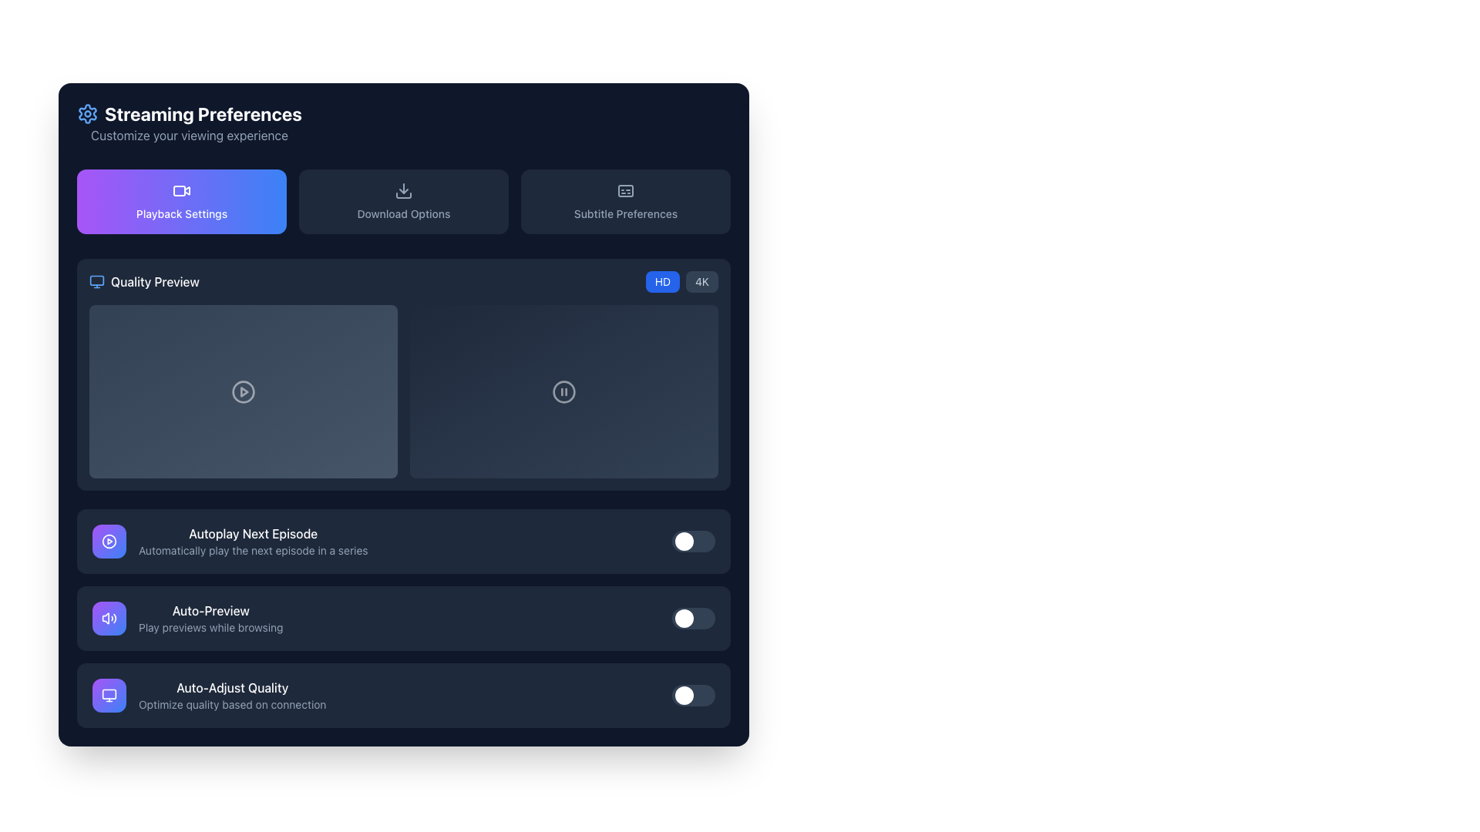  What do you see at coordinates (144, 282) in the screenshot?
I see `the Label indicating the section dedicated` at bounding box center [144, 282].